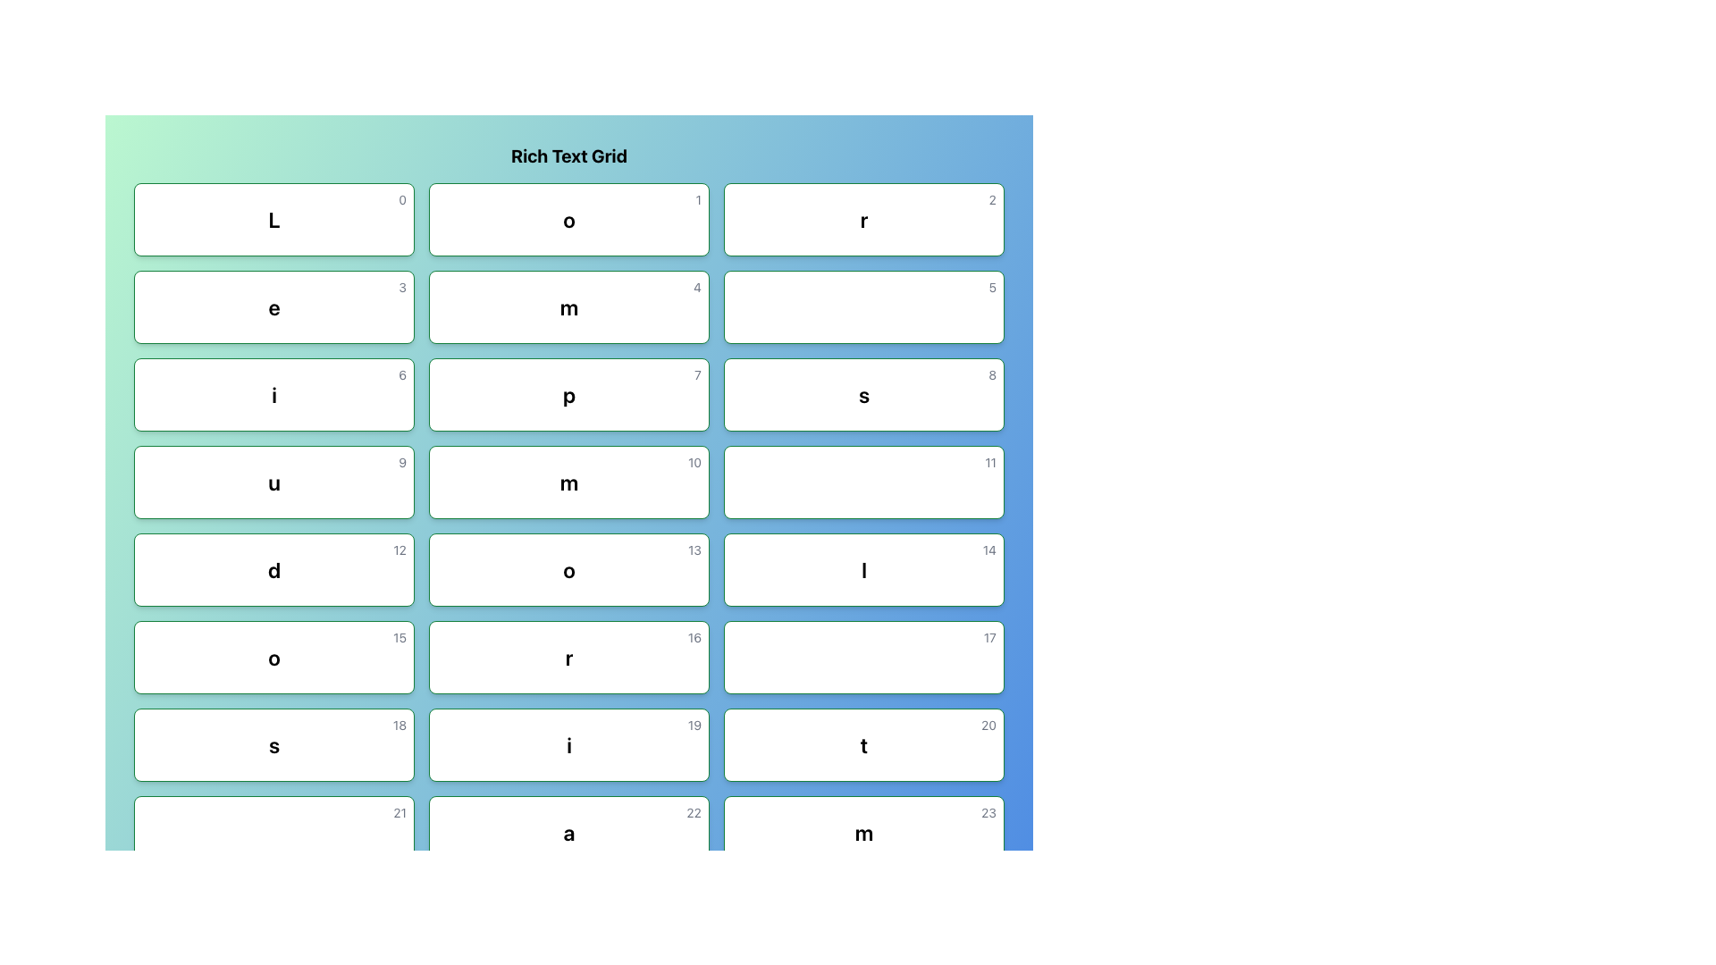 The width and height of the screenshot is (1716, 965). What do you see at coordinates (568, 744) in the screenshot?
I see `the text character 'i' displayed in the central content area of the card labeled '19', located in the bottom right quadrant of the grid layout` at bounding box center [568, 744].